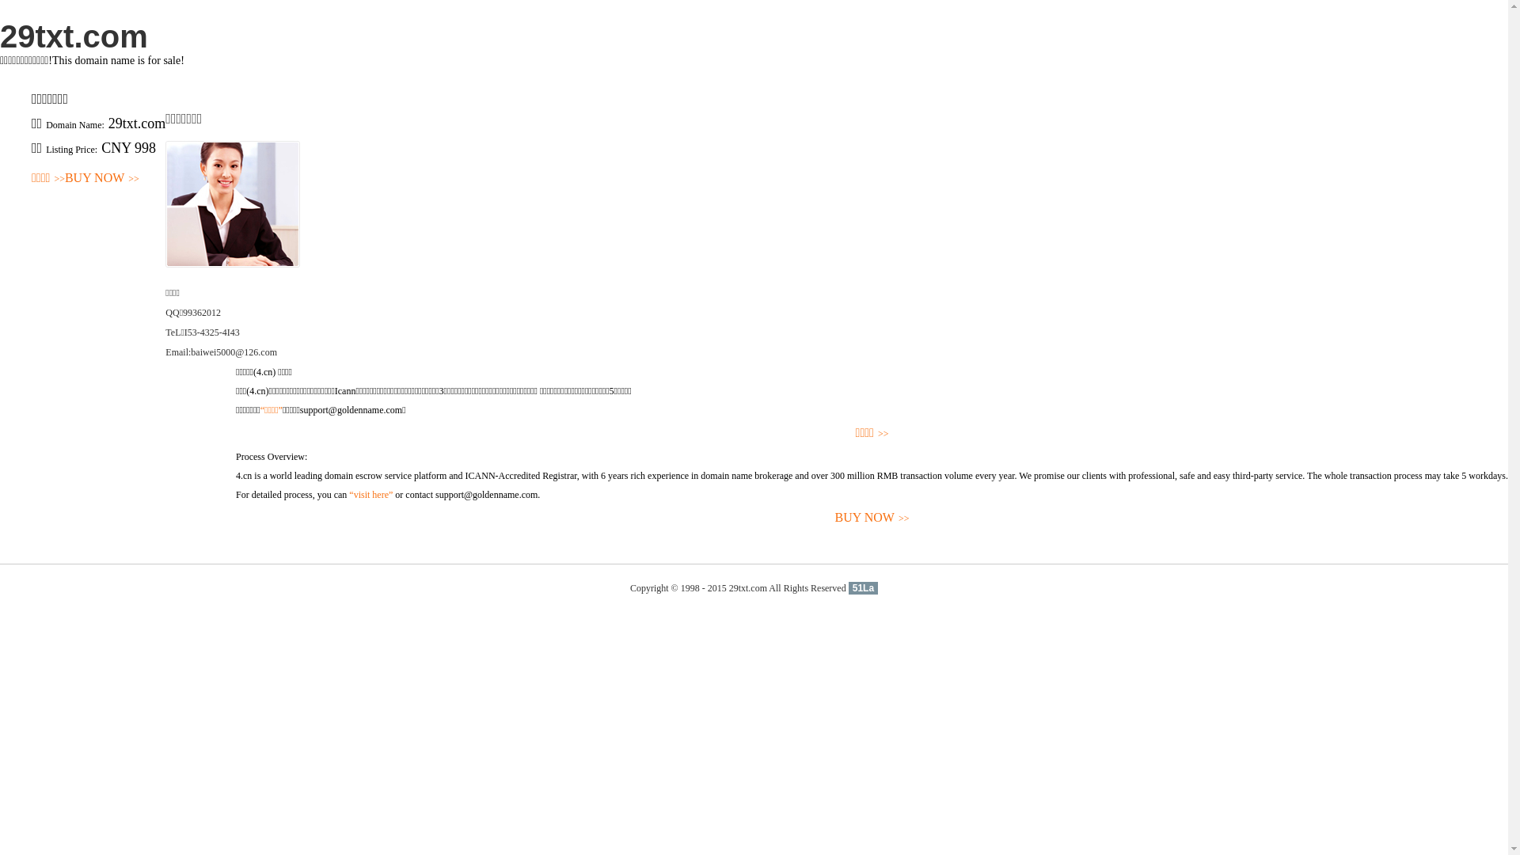  What do you see at coordinates (871, 518) in the screenshot?
I see `'BUY NOW>>'` at bounding box center [871, 518].